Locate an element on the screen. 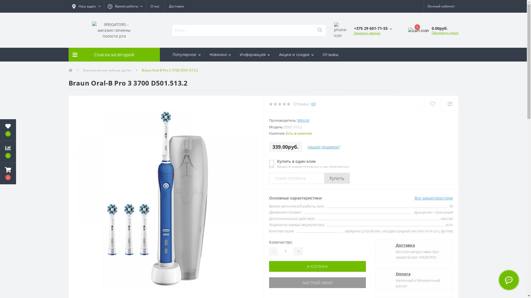 Image resolution: width=531 pixels, height=298 pixels. '+375 29 601-71-55' is located at coordinates (373, 28).